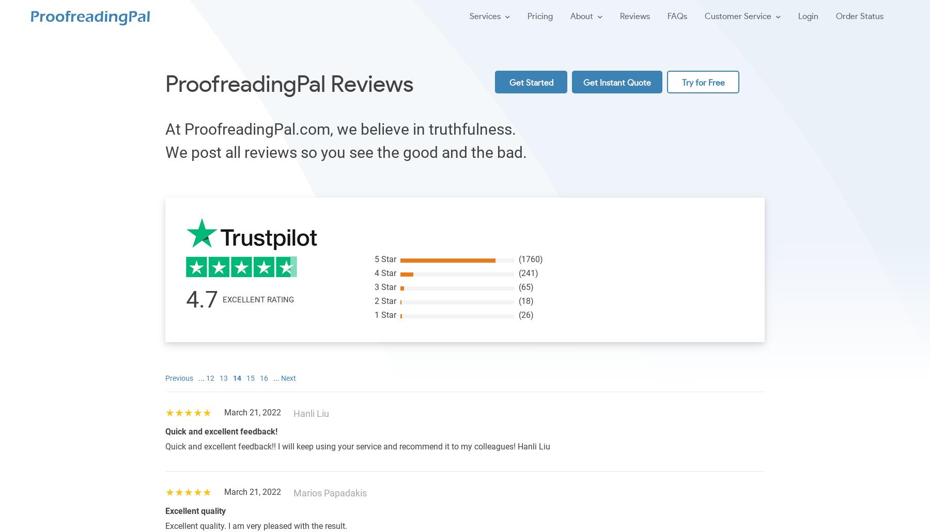 This screenshot has width=930, height=532. I want to click on '(18)', so click(518, 300).